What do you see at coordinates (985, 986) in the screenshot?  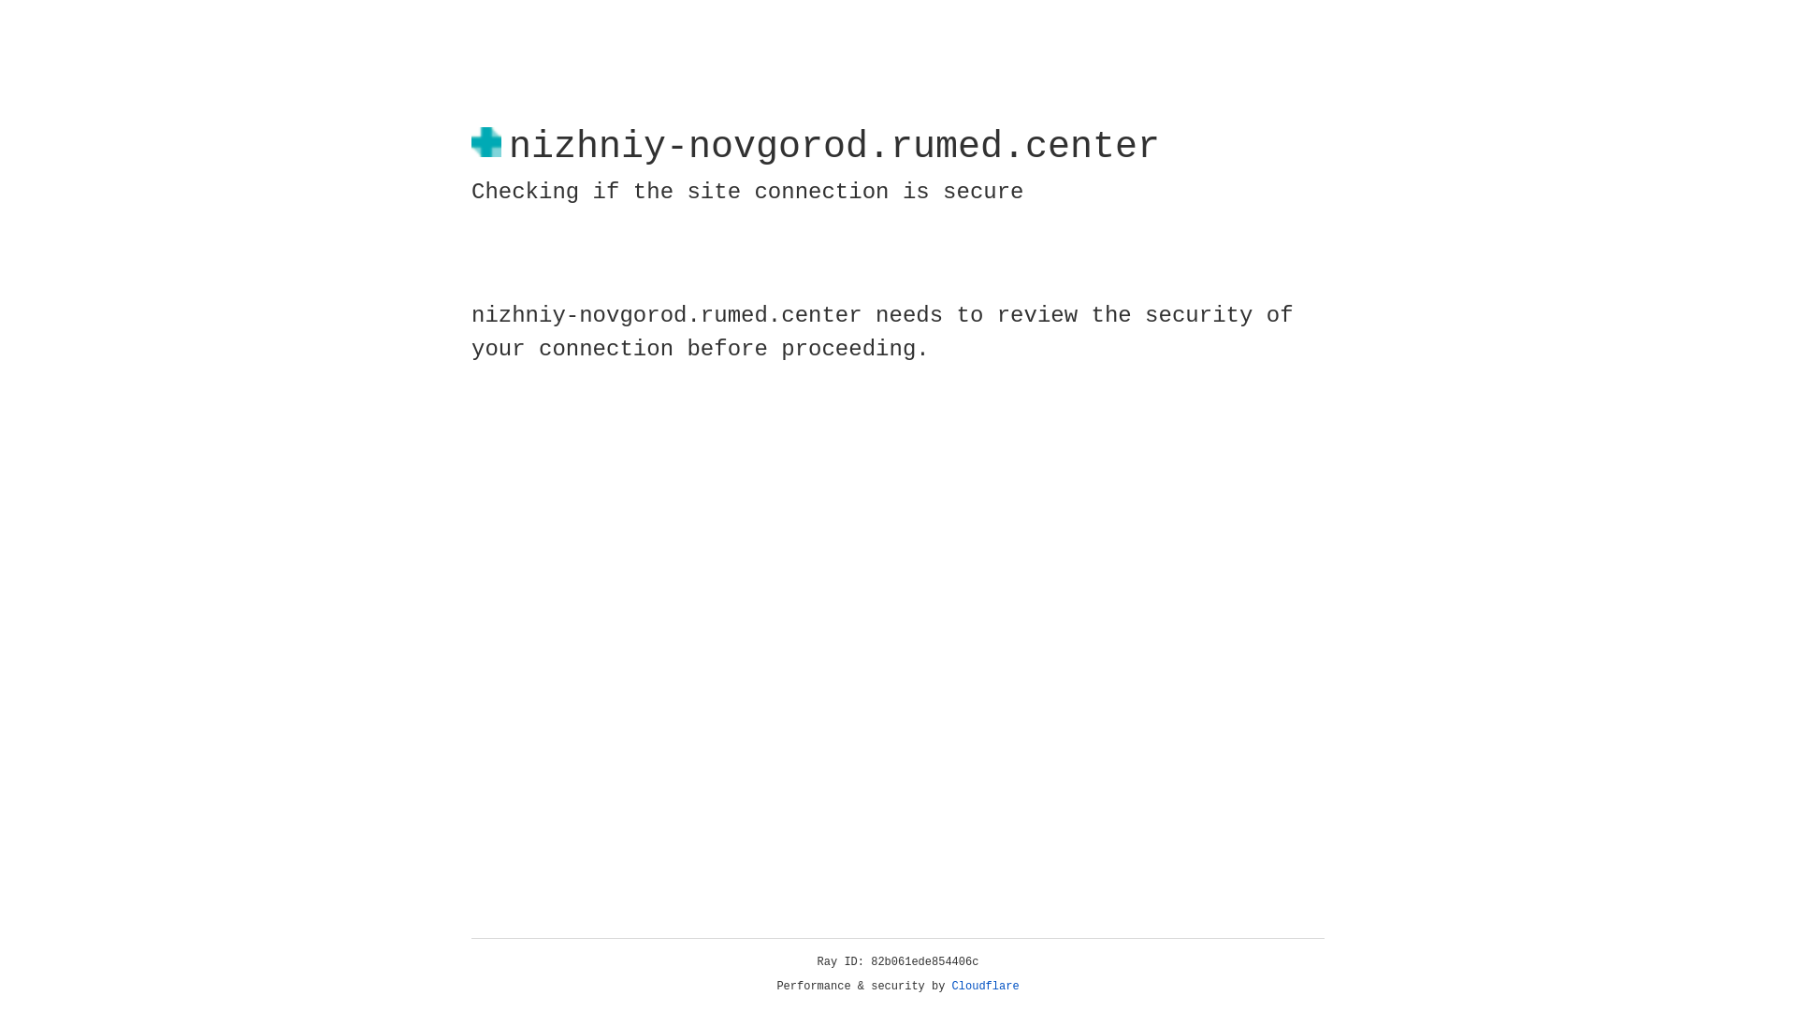 I see `'Cloudflare'` at bounding box center [985, 986].